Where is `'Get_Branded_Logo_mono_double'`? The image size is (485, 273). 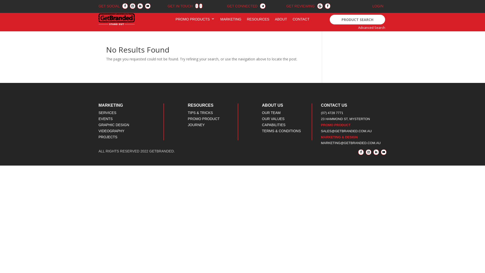
'Get_Branded_Logo_mono_double' is located at coordinates (116, 19).